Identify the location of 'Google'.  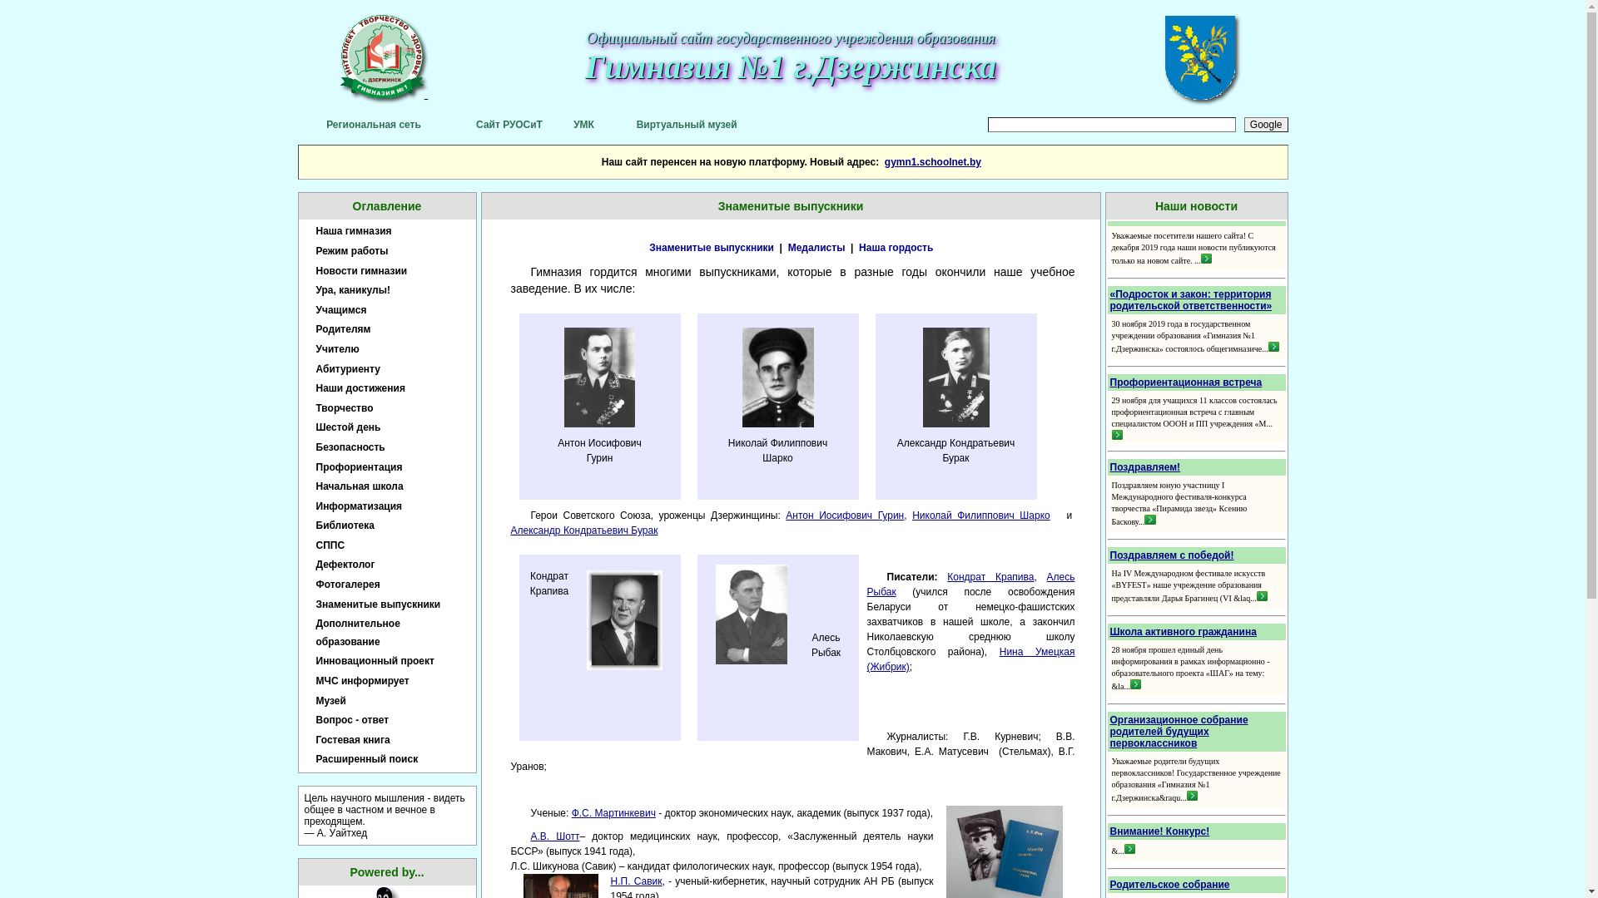
(1265, 124).